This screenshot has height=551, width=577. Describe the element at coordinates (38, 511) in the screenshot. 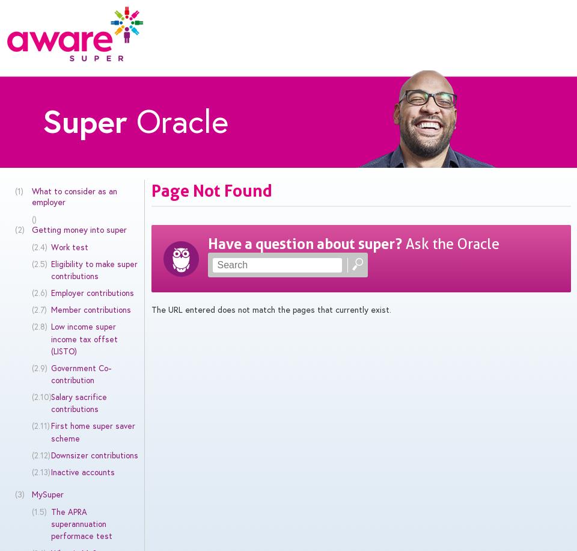

I see `'(1.5)'` at that location.